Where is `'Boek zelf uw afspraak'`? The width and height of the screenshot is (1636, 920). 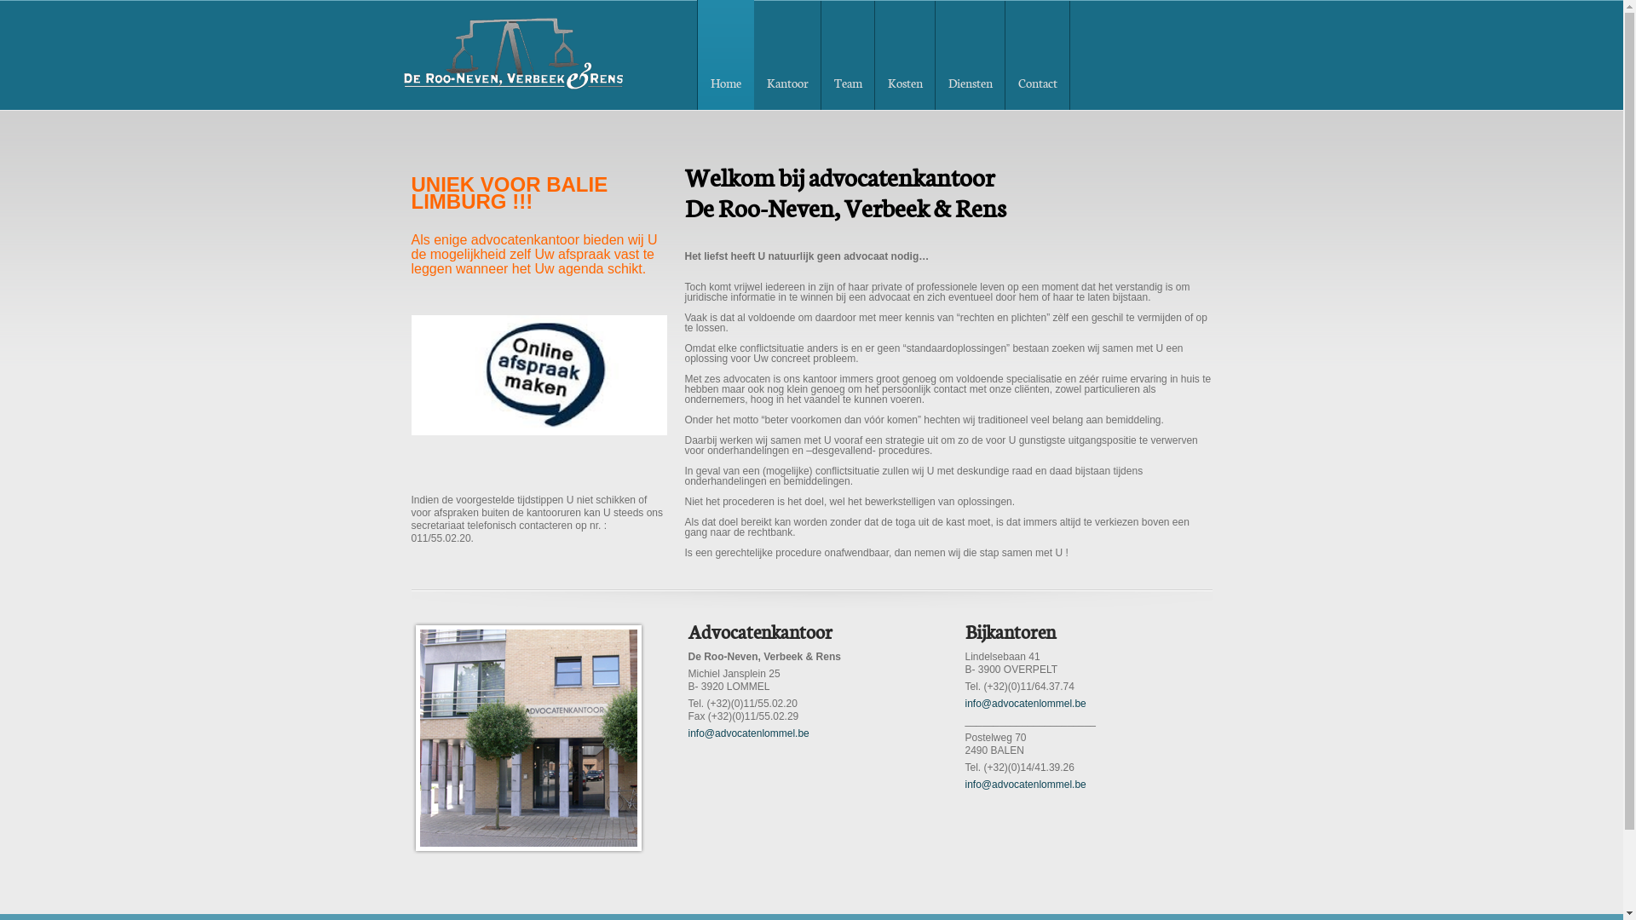 'Boek zelf uw afspraak' is located at coordinates (538, 374).